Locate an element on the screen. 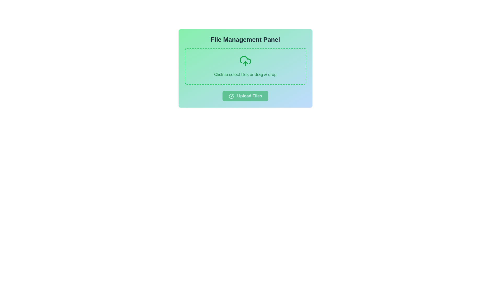  the decorative vector graphic shape in the 'File Management Panel' interface, which enhances the visual representation of the file upload area and is positioned centrally between a downward arrow and a vertical line is located at coordinates (245, 60).